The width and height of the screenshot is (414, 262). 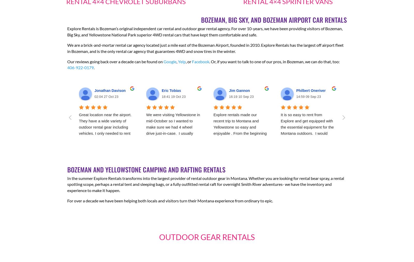 What do you see at coordinates (106, 97) in the screenshot?
I see `'02:04 27 Oct 23'` at bounding box center [106, 97].